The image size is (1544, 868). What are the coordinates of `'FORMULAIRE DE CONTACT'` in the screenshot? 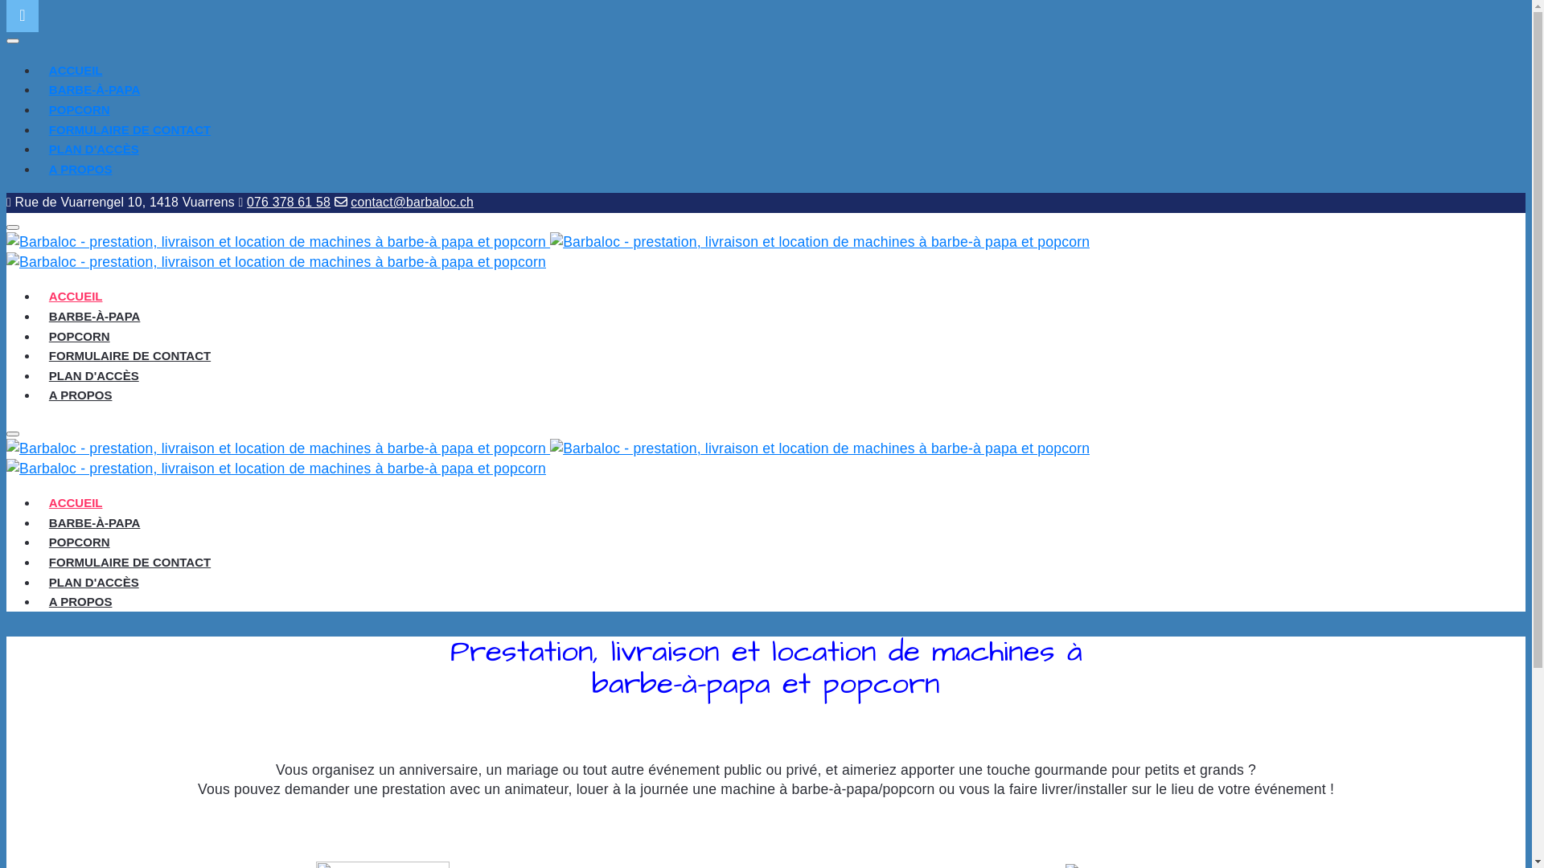 It's located at (129, 129).